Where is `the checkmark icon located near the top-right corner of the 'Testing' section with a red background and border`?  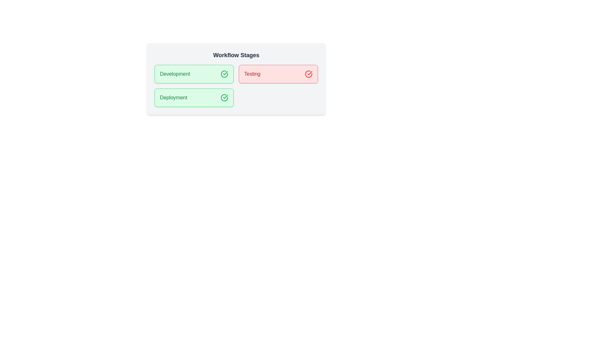 the checkmark icon located near the top-right corner of the 'Testing' section with a red background and border is located at coordinates (310, 73).